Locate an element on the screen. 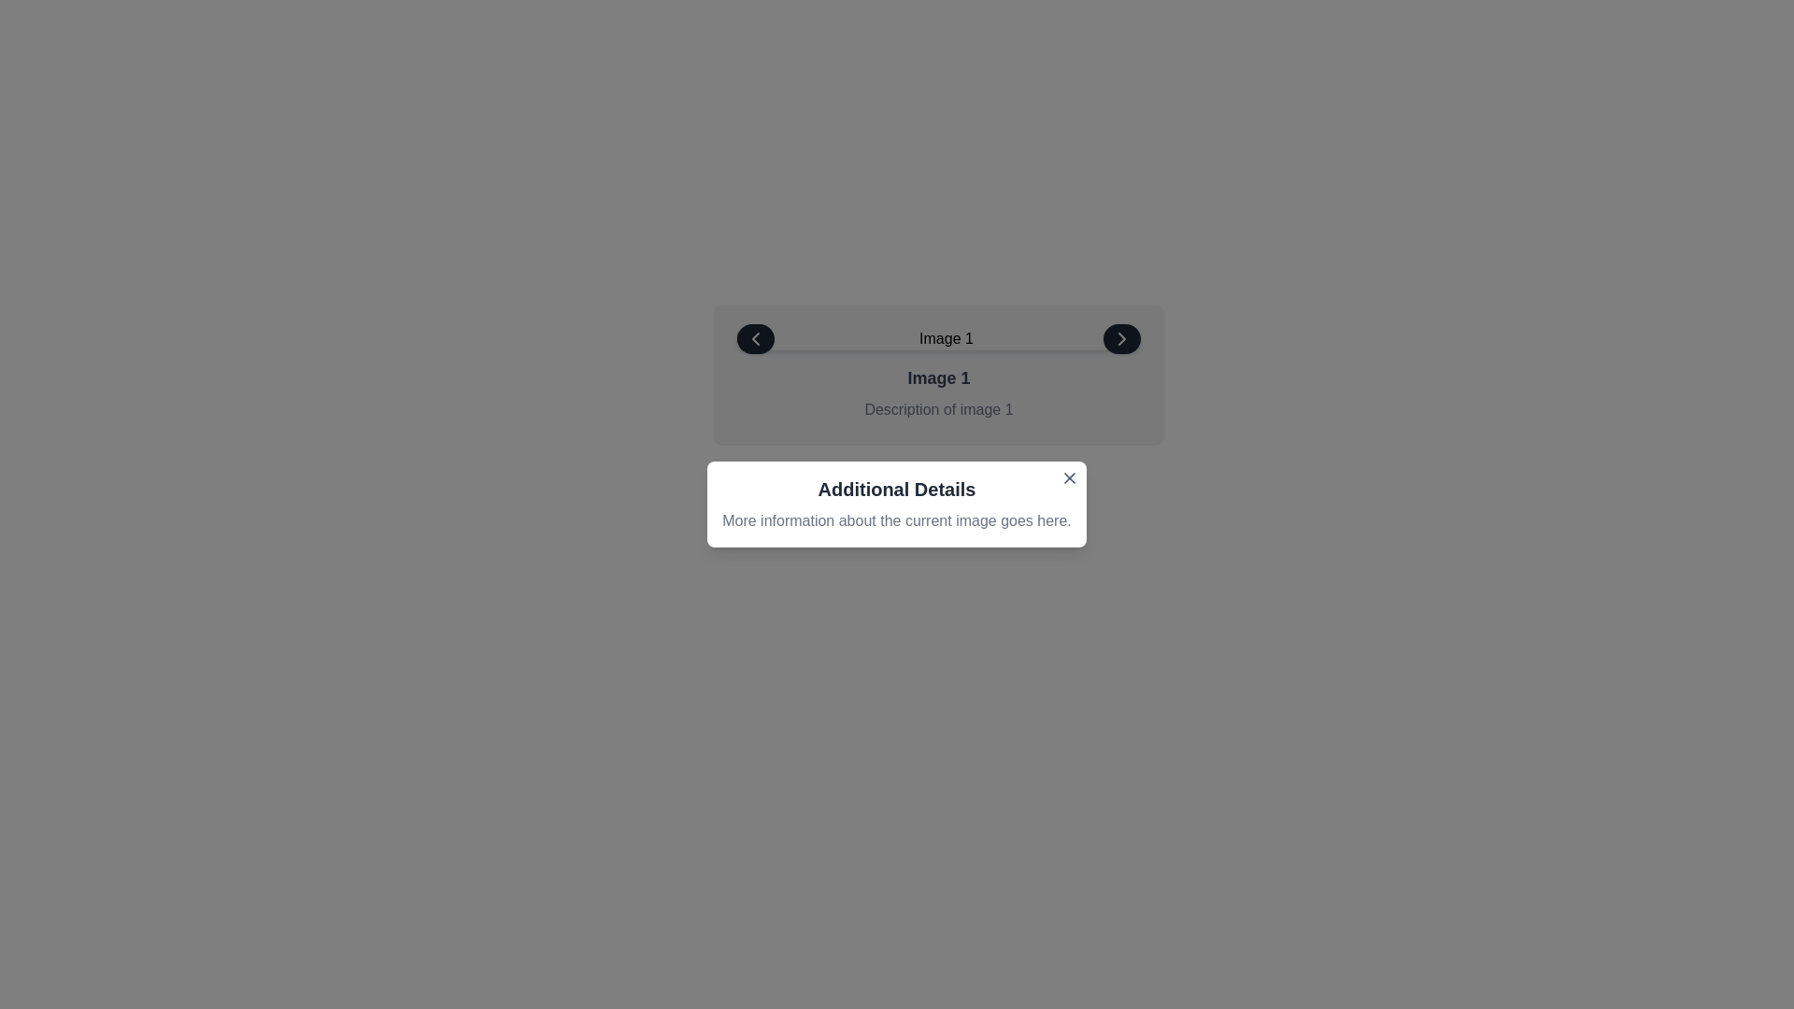  the text label or heading element that displays the title or identifier of the current image, located centrally above the descriptive text 'Description of image 1' is located at coordinates (938, 378).